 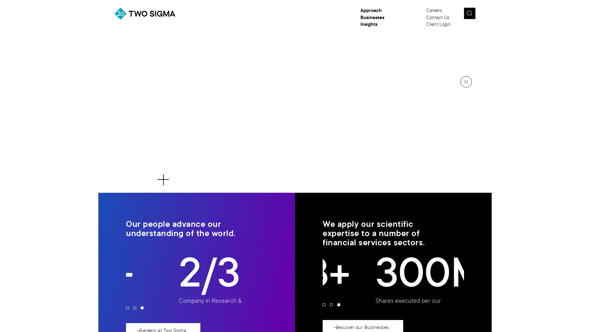 What do you see at coordinates (469, 13) in the screenshot?
I see `Search` at bounding box center [469, 13].